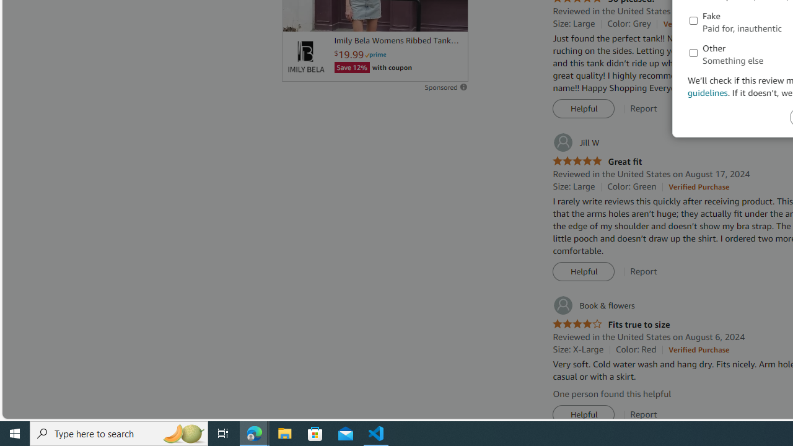 The height and width of the screenshot is (446, 793). Describe the element at coordinates (593, 305) in the screenshot. I see `'Book & flowers'` at that location.